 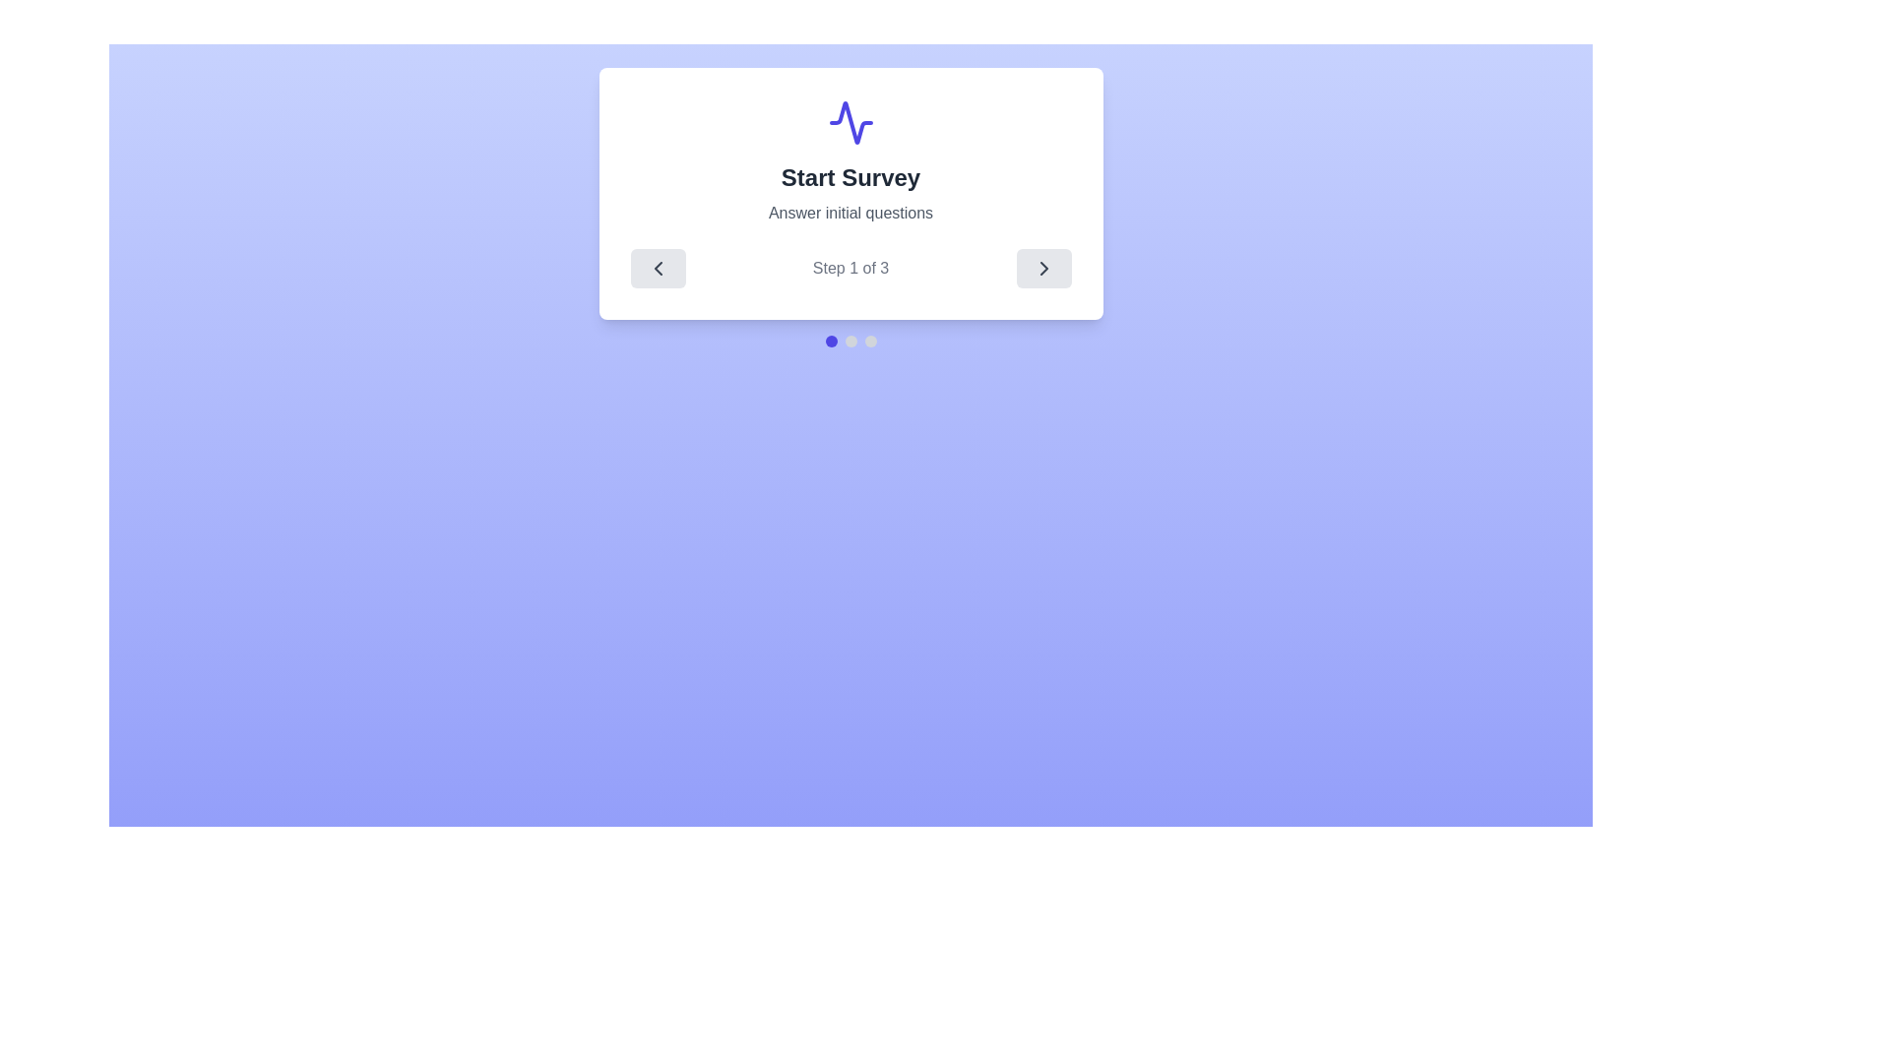 What do you see at coordinates (658, 269) in the screenshot?
I see `the left arrow button to navigate to the previous step` at bounding box center [658, 269].